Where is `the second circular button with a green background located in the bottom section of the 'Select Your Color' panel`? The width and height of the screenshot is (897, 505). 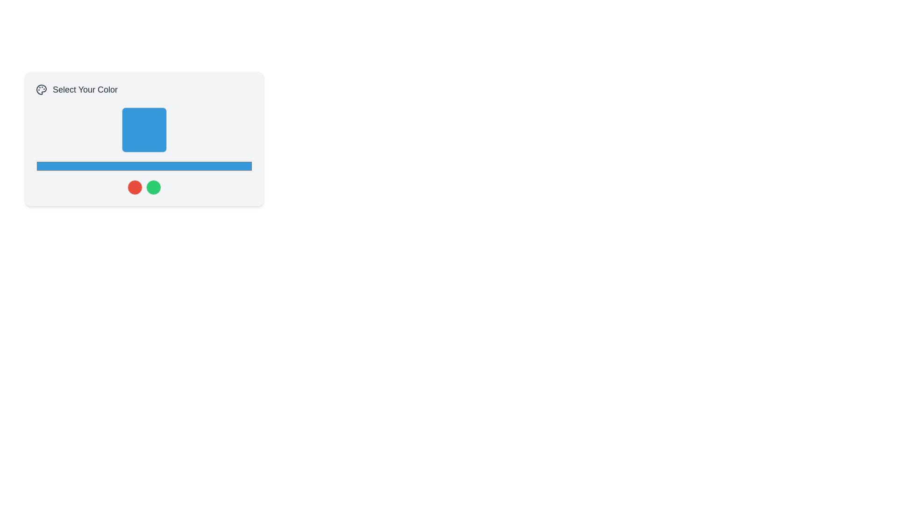
the second circular button with a green background located in the bottom section of the 'Select Your Color' panel is located at coordinates (154, 188).